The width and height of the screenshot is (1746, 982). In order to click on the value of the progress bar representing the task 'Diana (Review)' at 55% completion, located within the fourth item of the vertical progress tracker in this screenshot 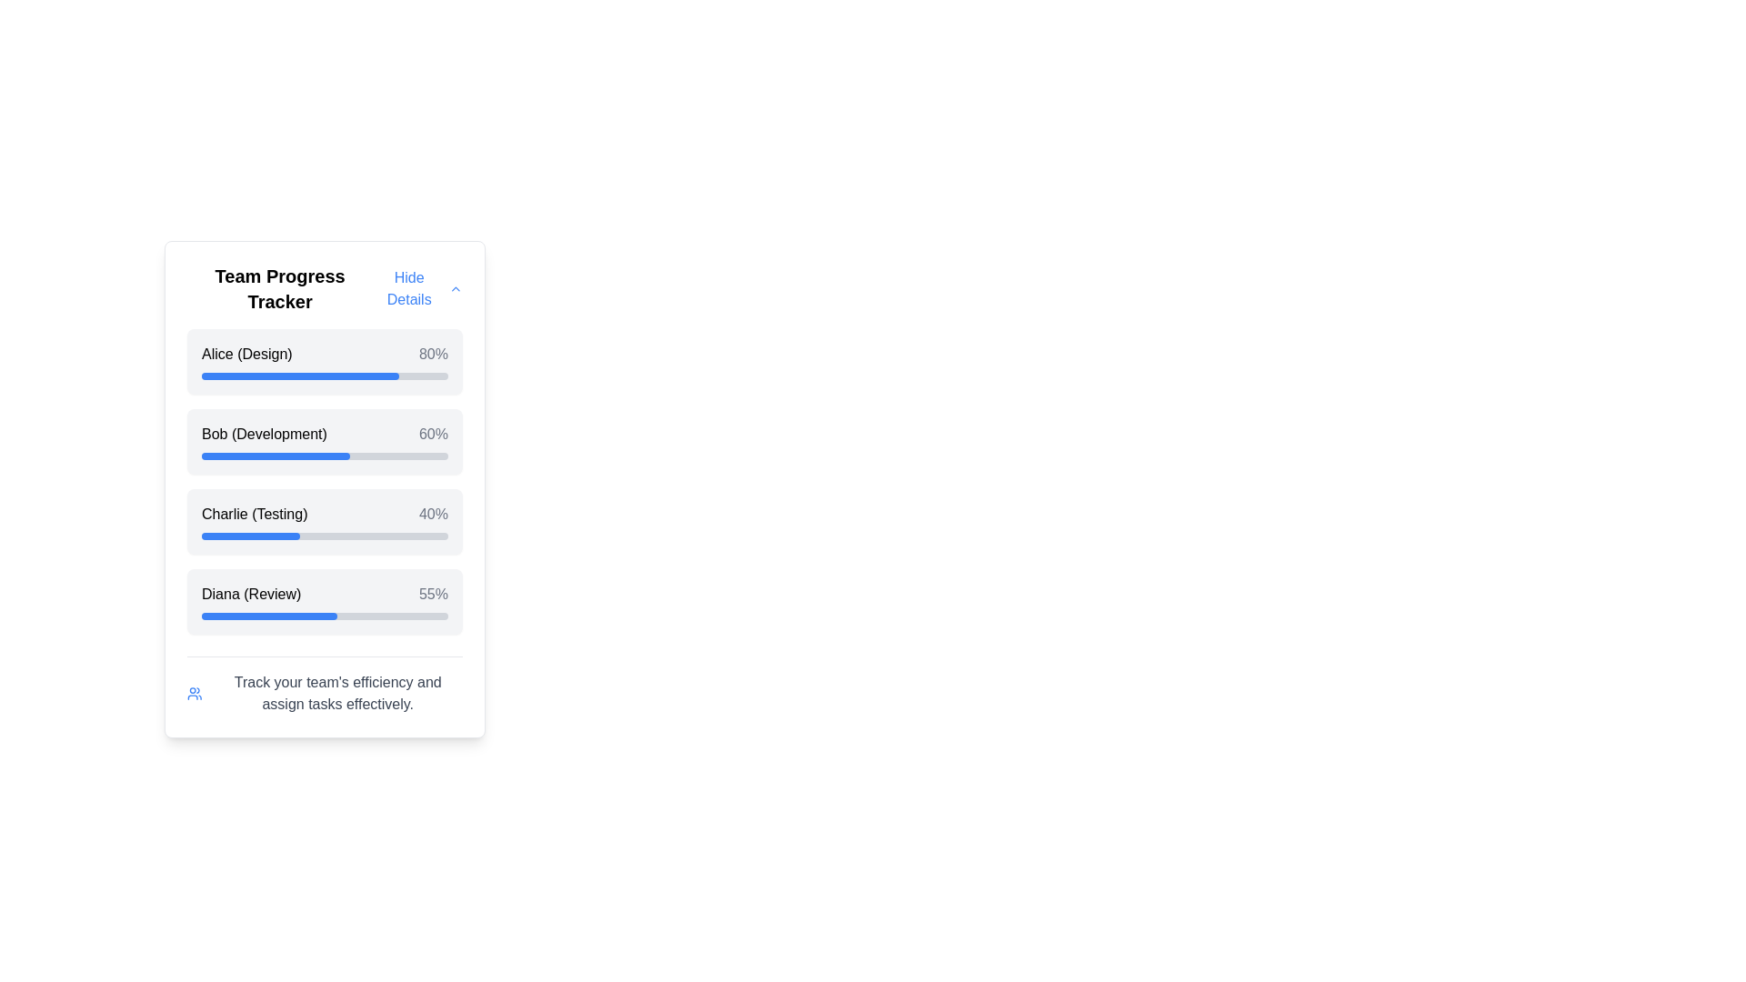, I will do `click(268, 616)`.